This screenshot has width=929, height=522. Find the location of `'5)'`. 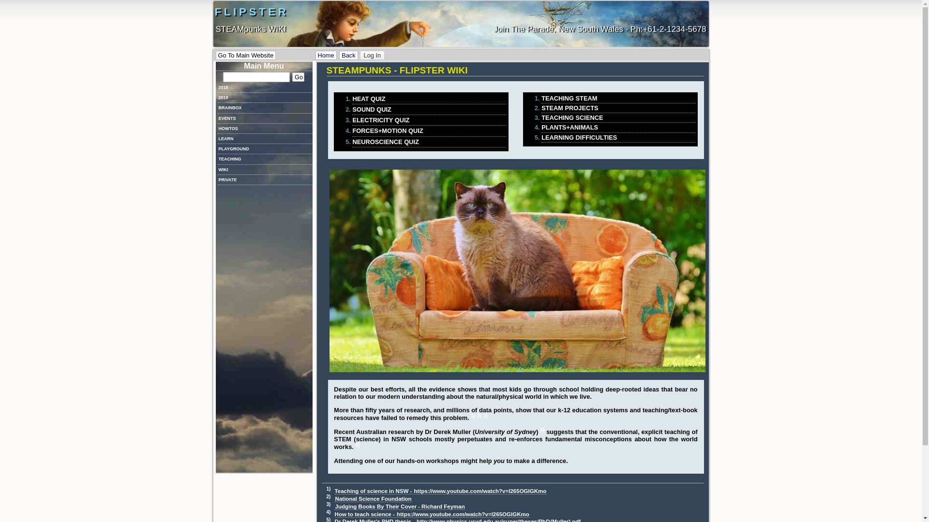

'5)' is located at coordinates (355, 445).